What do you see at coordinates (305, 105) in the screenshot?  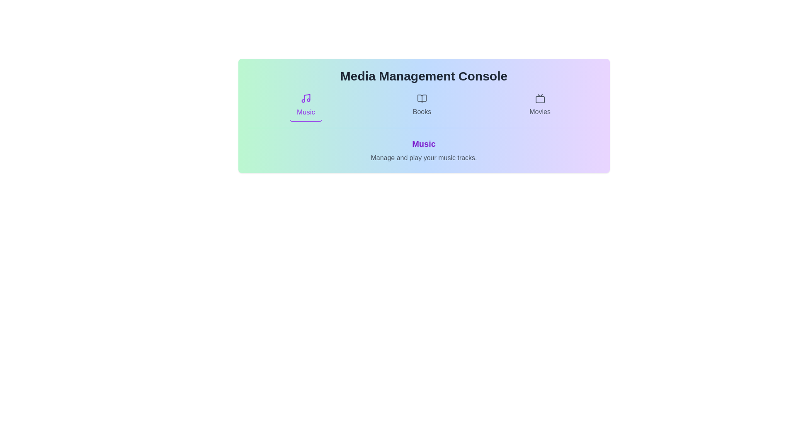 I see `the tab Music from the available tabs` at bounding box center [305, 105].